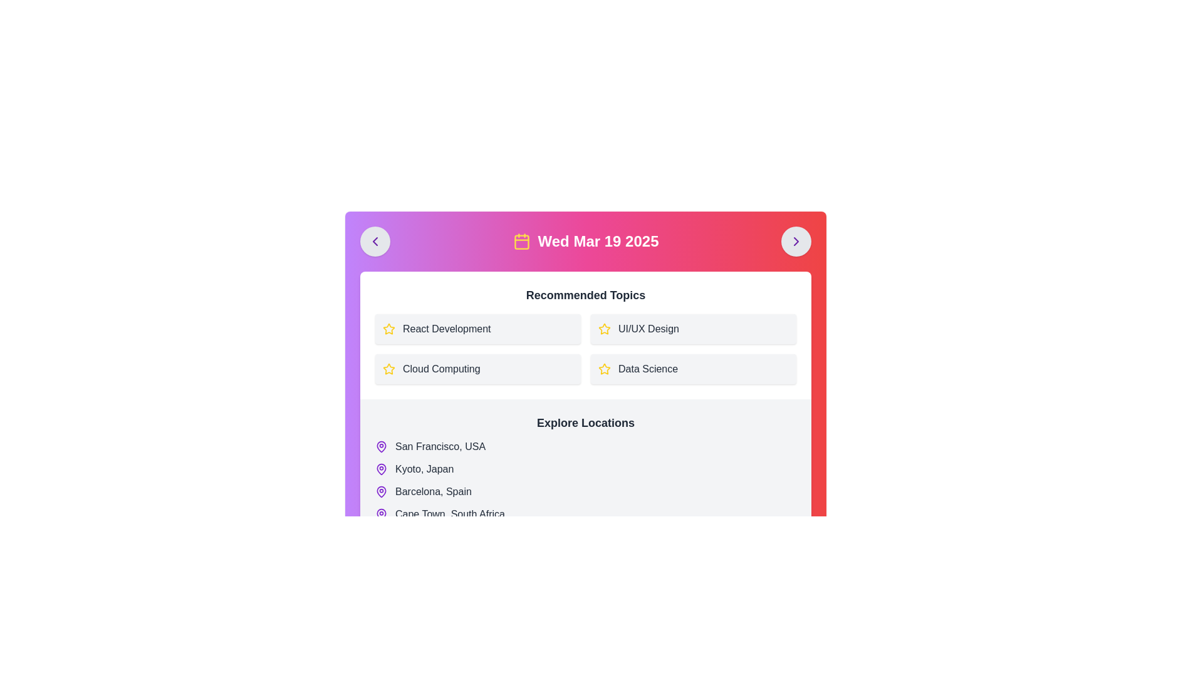 This screenshot has height=676, width=1203. Describe the element at coordinates (477, 369) in the screenshot. I see `the 'Cloud Computing' button, which is the third item in the grid under 'Recommended Topics'` at that location.